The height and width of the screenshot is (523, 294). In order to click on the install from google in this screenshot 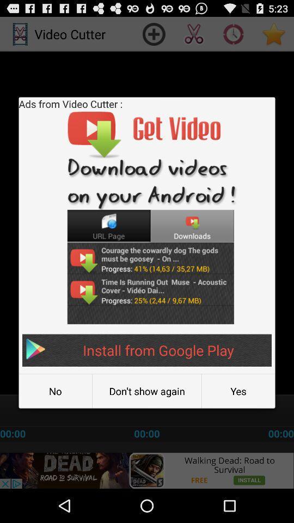, I will do `click(147, 350)`.